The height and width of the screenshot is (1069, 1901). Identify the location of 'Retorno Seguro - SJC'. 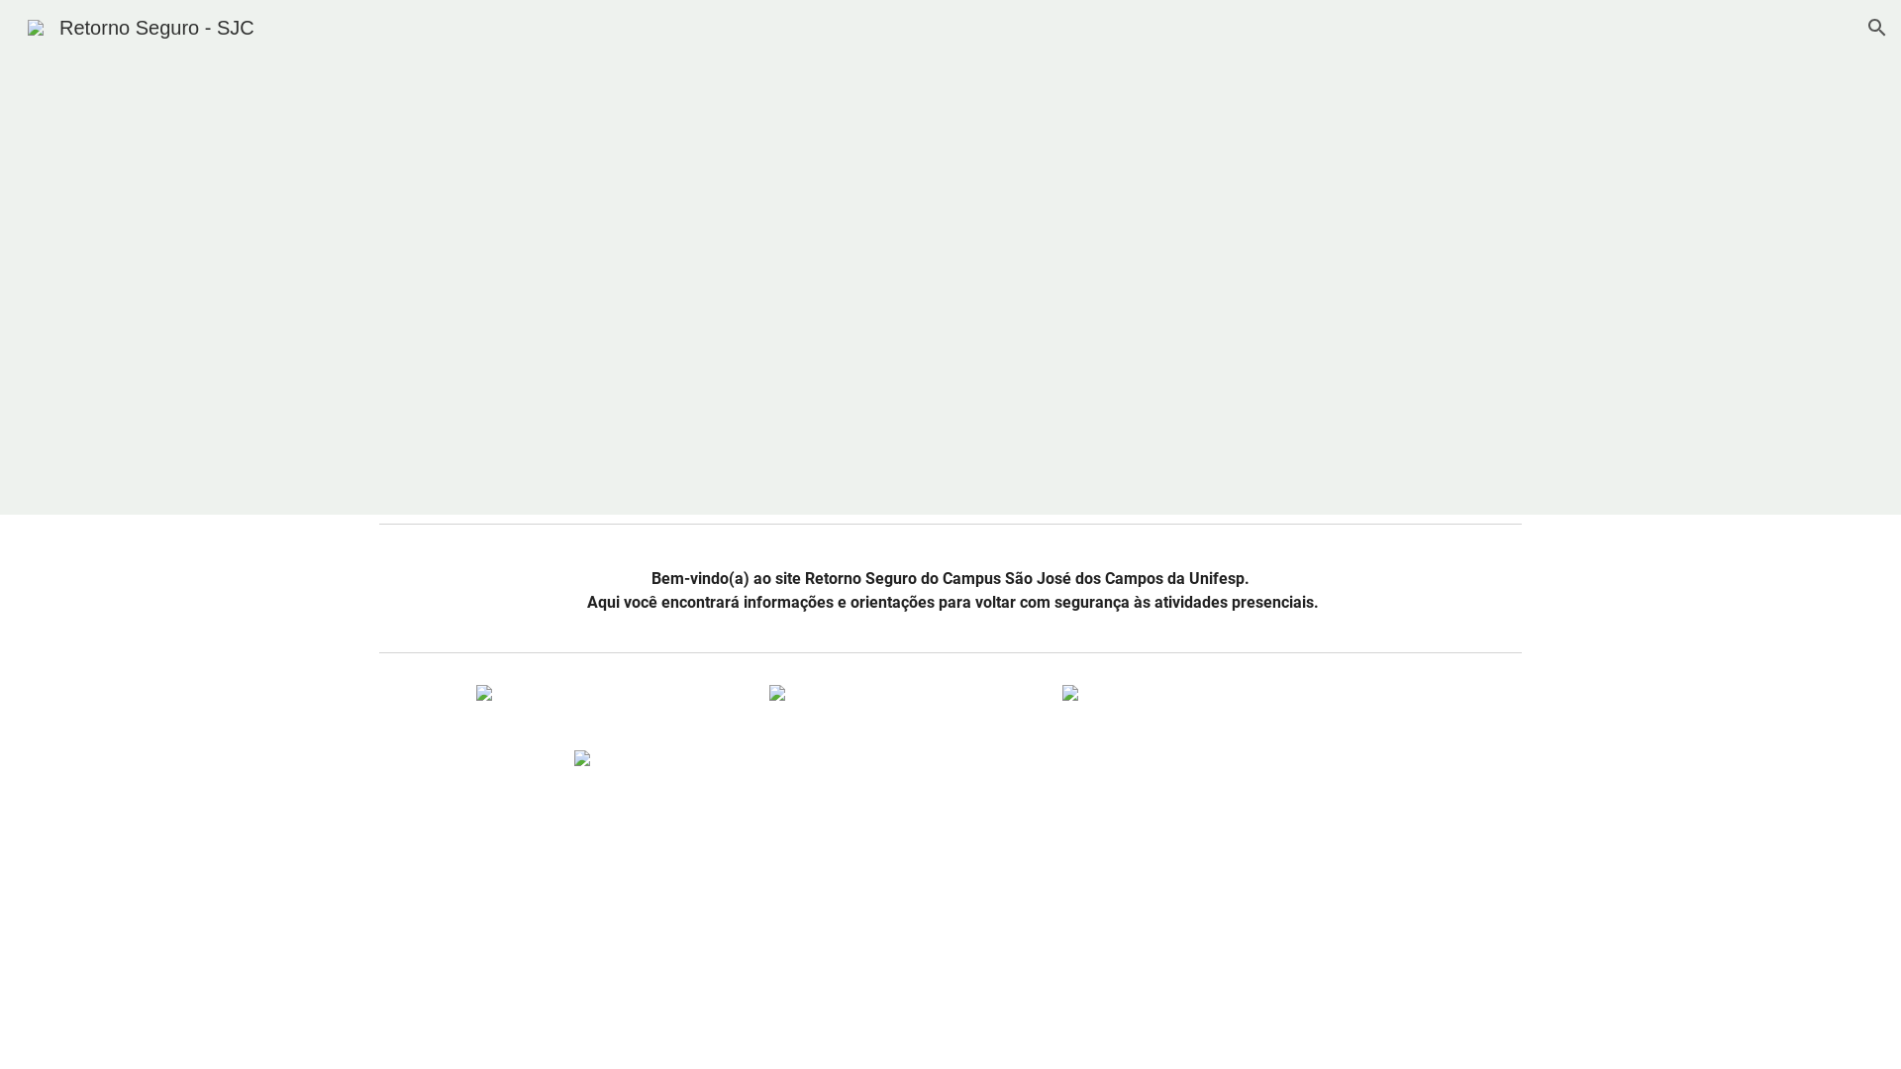
(140, 26).